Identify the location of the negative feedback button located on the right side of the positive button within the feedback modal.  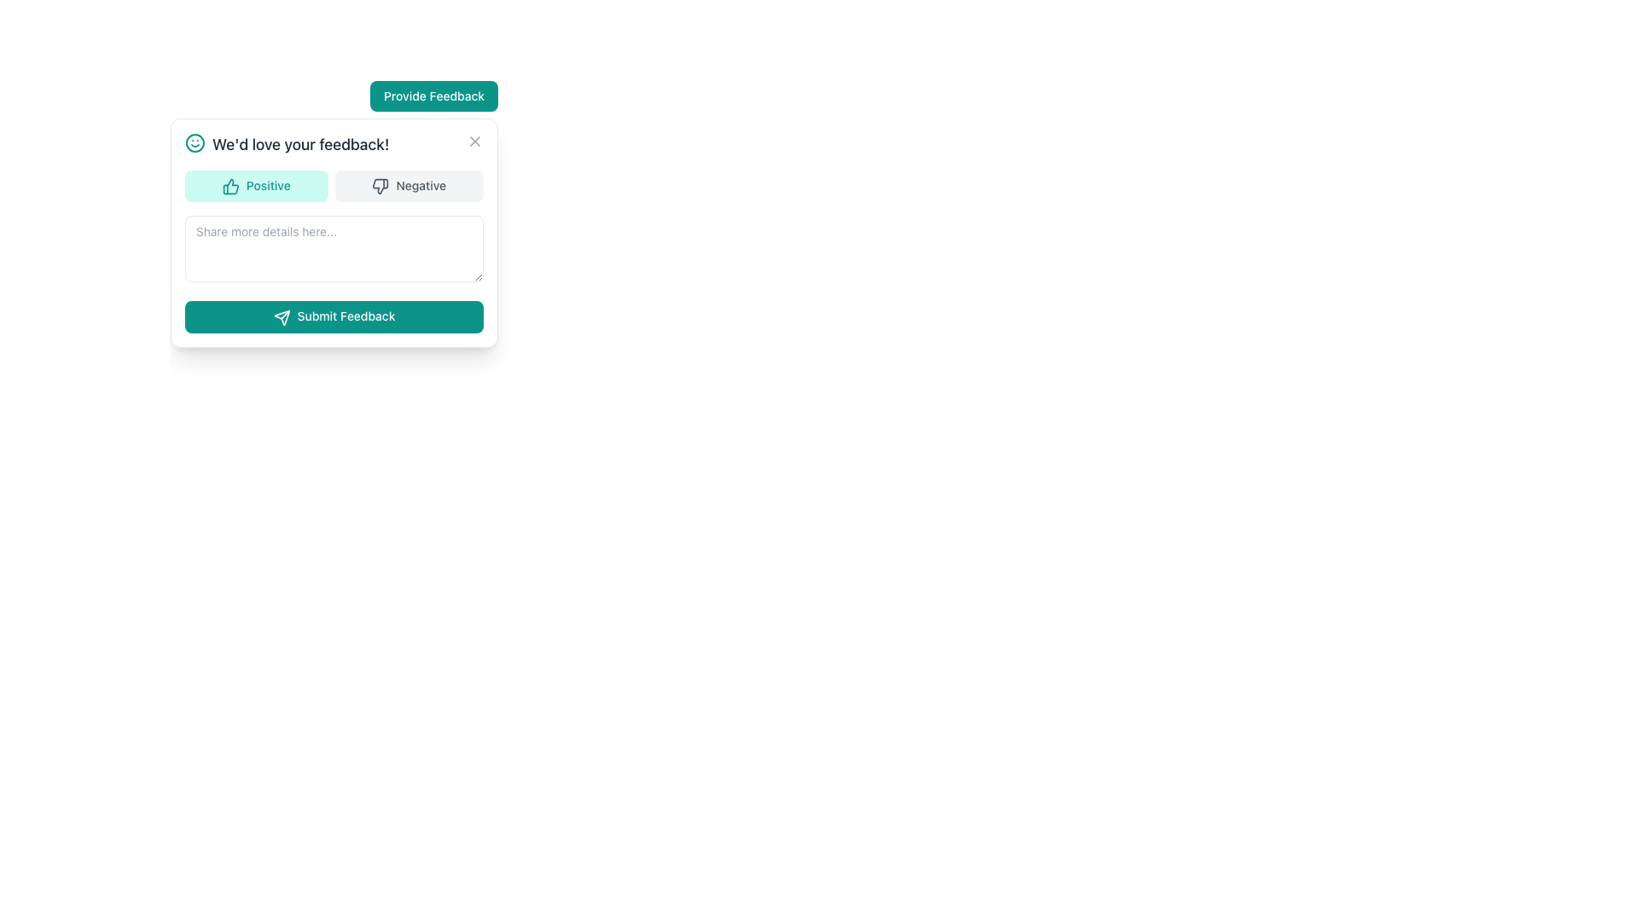
(408, 186).